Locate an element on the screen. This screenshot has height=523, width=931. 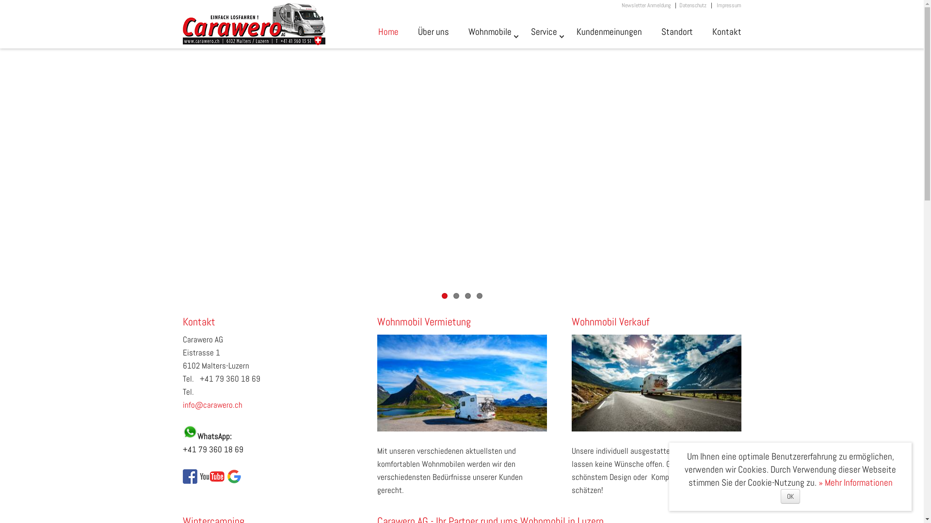
'Standort' is located at coordinates (676, 36).